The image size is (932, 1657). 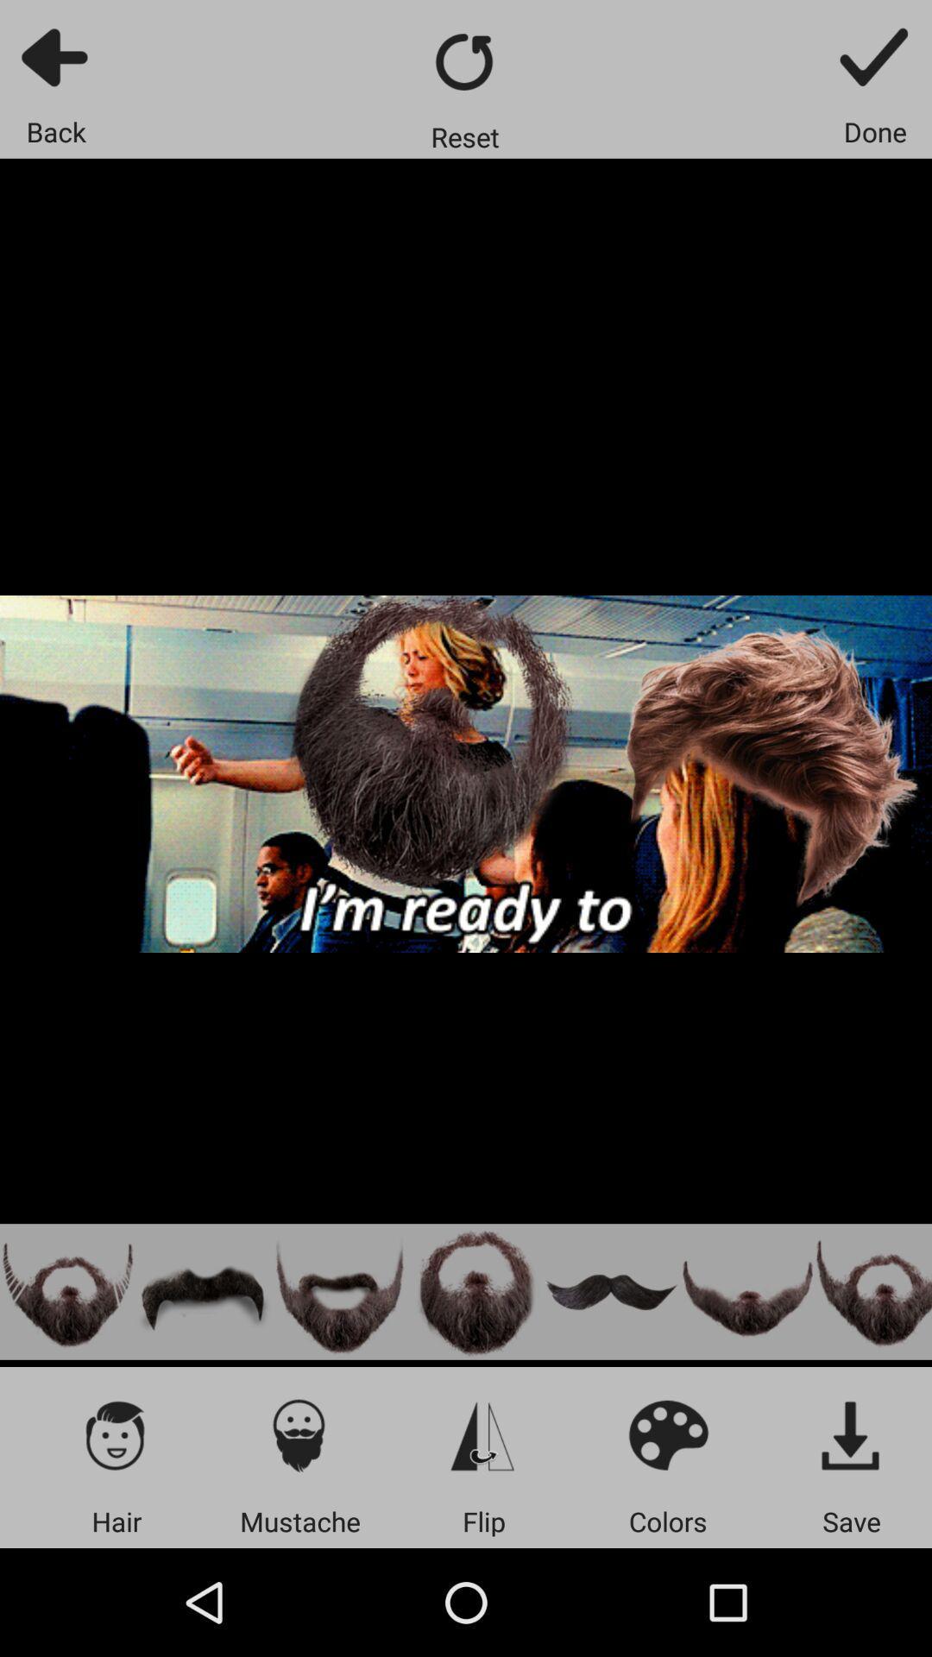 I want to click on the mustache option, so click(x=610, y=1292).